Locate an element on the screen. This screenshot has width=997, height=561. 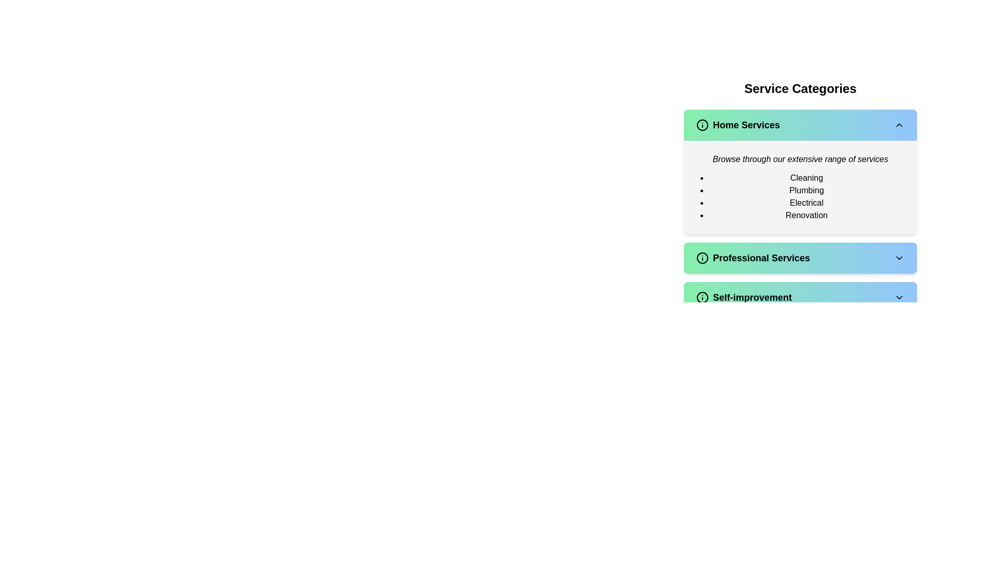
the circular icon with a black outline and green background, featuring an 'i' symbol, located on the left side of the 'Home Services' header text in the 'Service Categories' section is located at coordinates (703, 124).